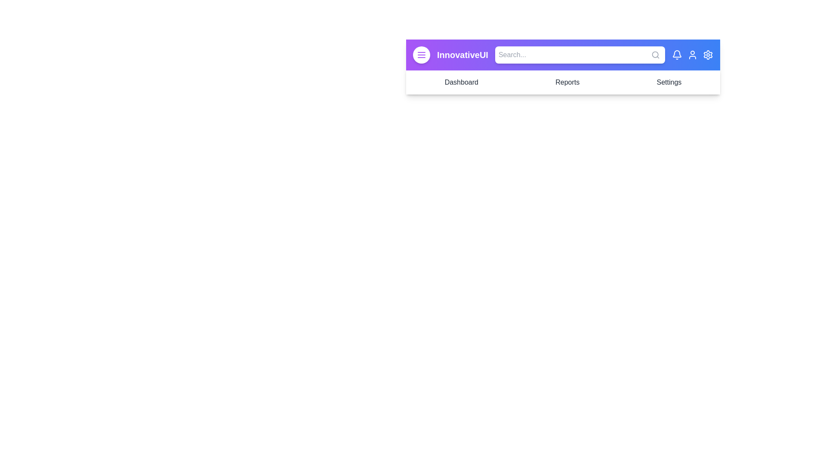 This screenshot has width=826, height=464. I want to click on the settings icon to access configuration options, so click(708, 55).